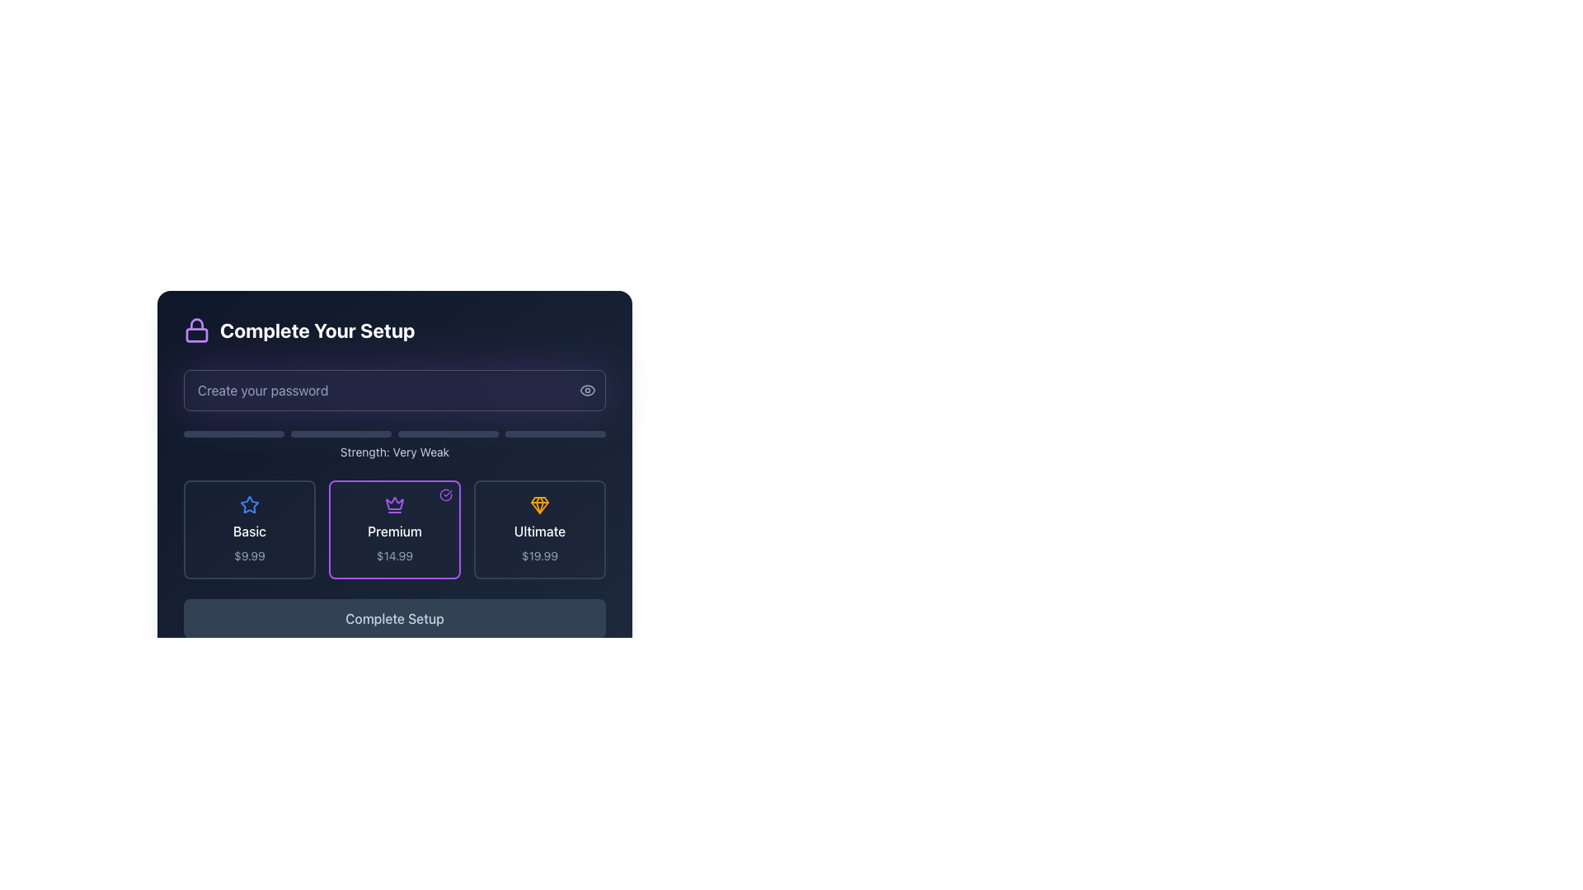  What do you see at coordinates (394, 452) in the screenshot?
I see `the text label displaying 'Strength: Very Weak', which is styled in small, muted gray text and located below the progress bars and above the pricing options section` at bounding box center [394, 452].